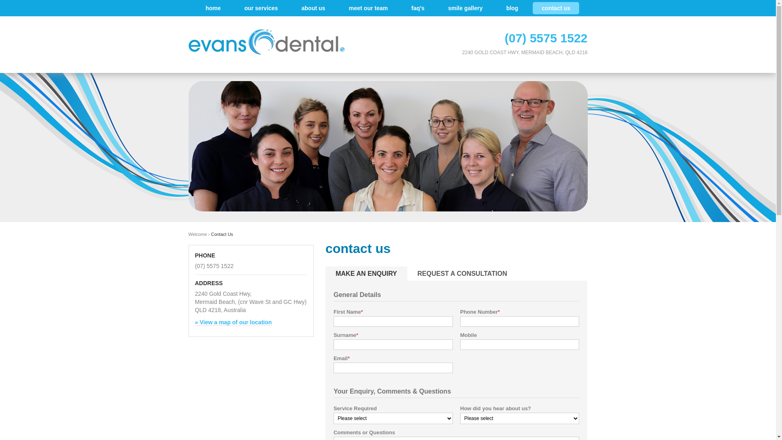  I want to click on 'contact us', so click(555, 8).